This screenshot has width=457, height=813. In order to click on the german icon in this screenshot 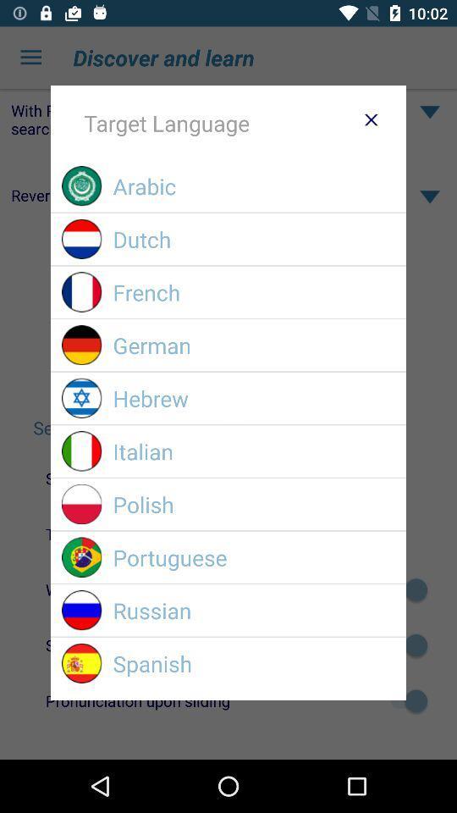, I will do `click(253, 344)`.